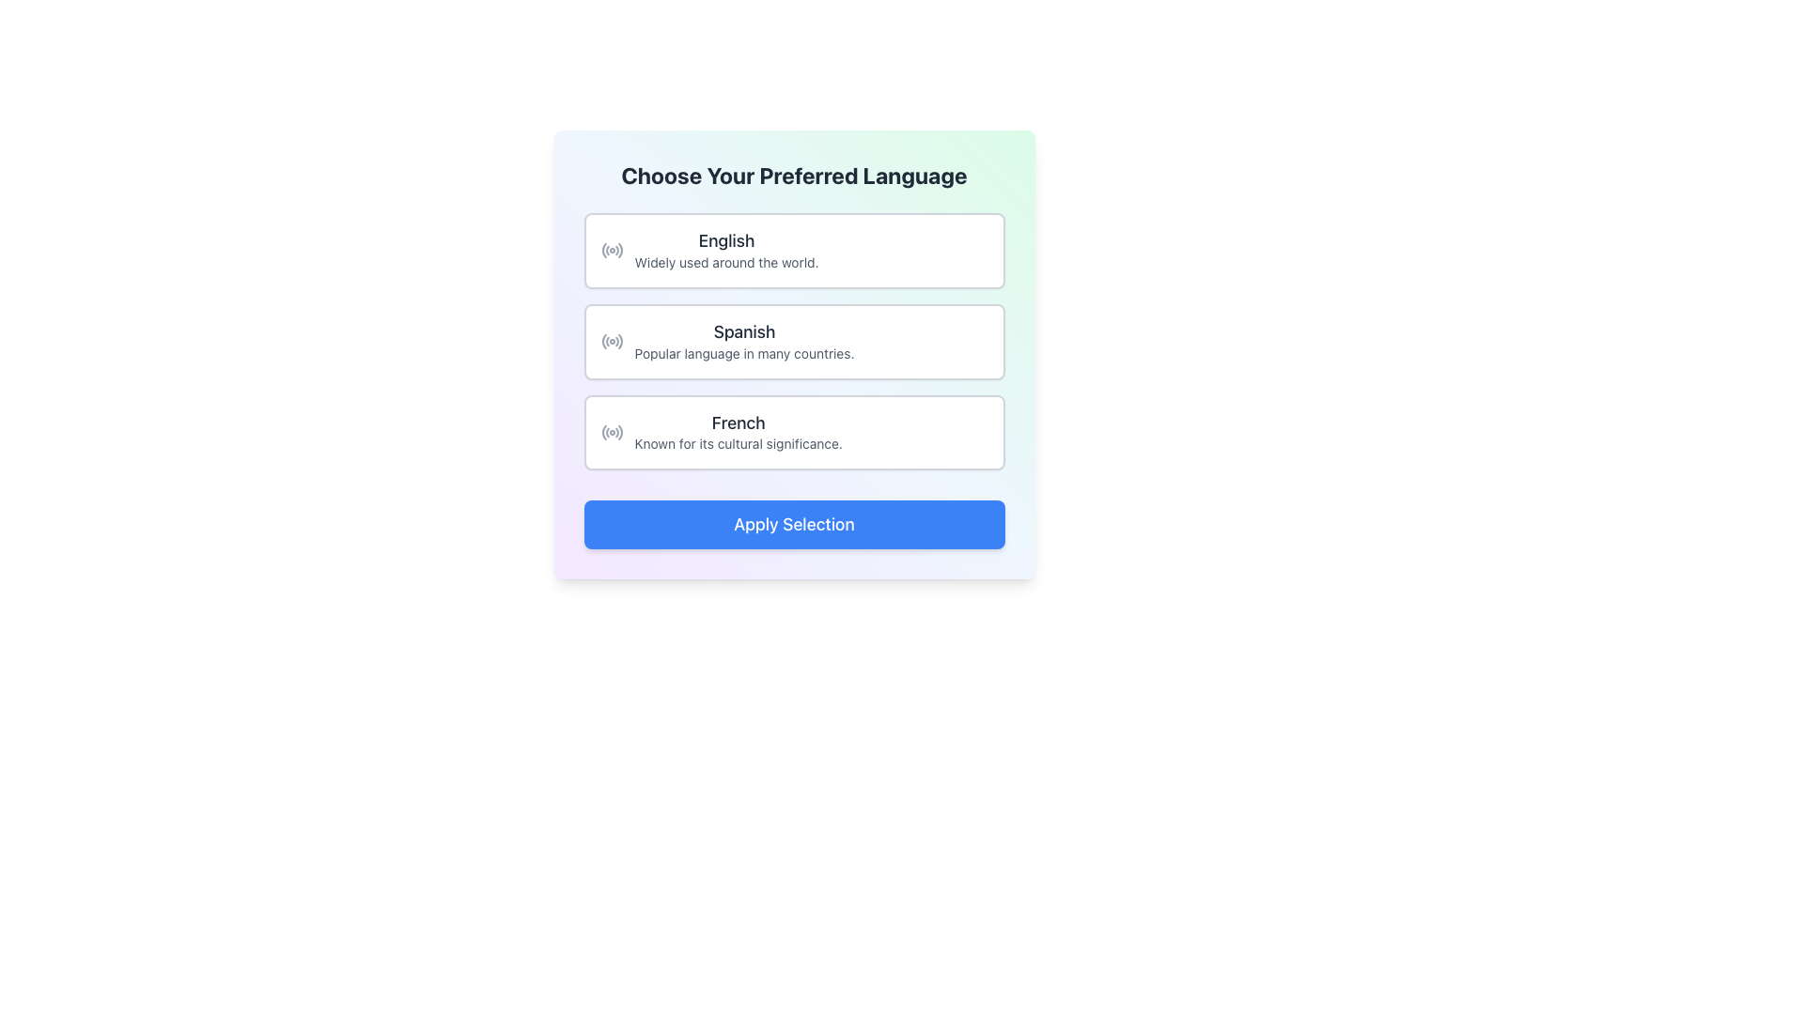  I want to click on the list item displaying the title 'Spanish' with the subtitle 'Popular language in many countries.' and an icon resembling sound waves, so click(726, 342).